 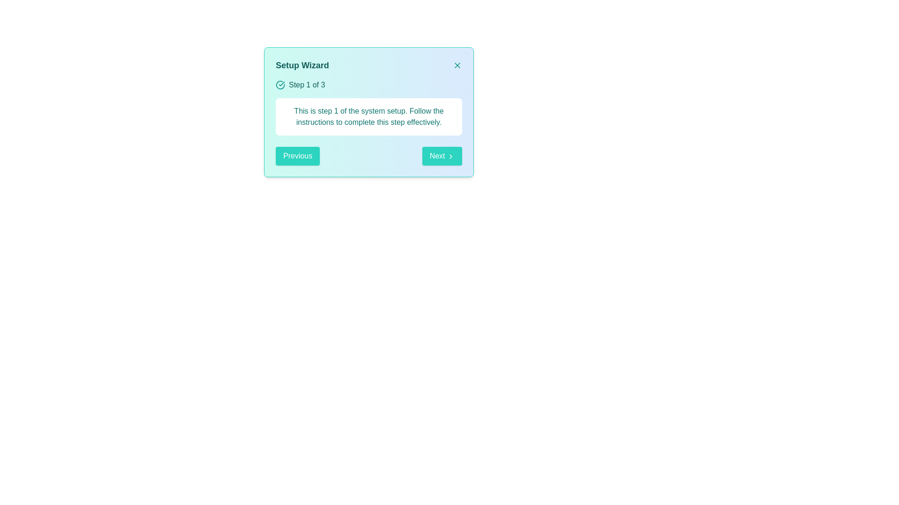 What do you see at coordinates (442, 156) in the screenshot?
I see `the 'Next' button to proceed to the next step` at bounding box center [442, 156].